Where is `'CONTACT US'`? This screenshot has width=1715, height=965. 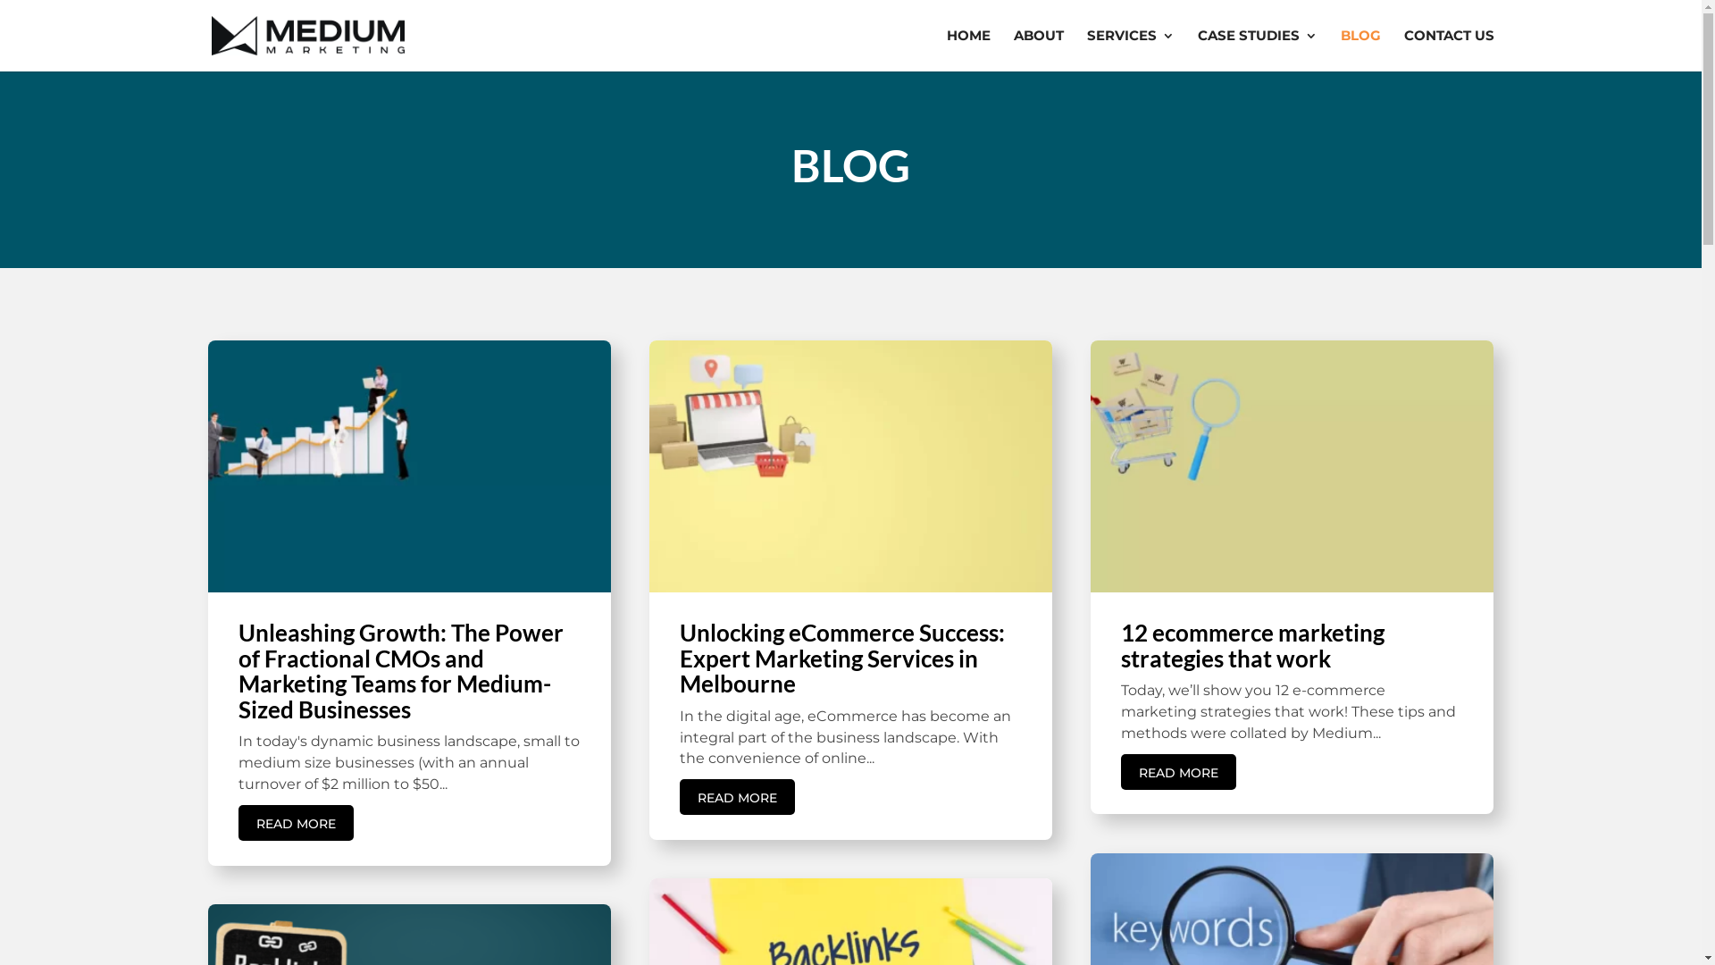 'CONTACT US' is located at coordinates (1449, 49).